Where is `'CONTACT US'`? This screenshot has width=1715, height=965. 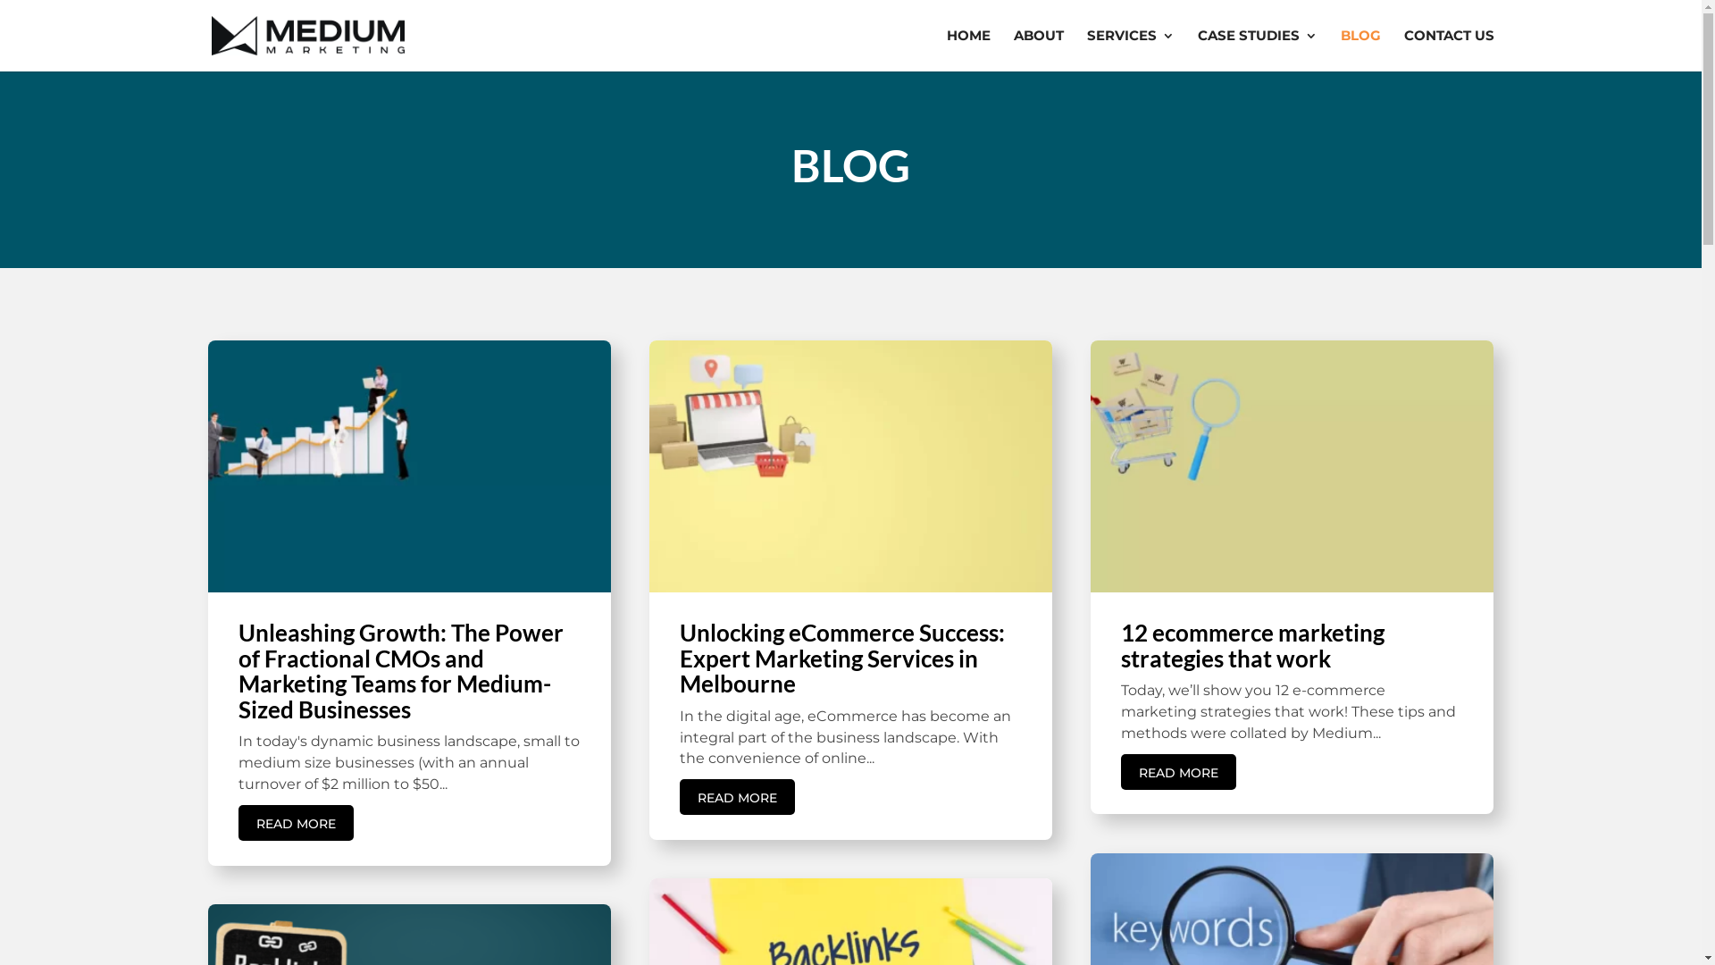 'CONTACT US' is located at coordinates (1449, 49).